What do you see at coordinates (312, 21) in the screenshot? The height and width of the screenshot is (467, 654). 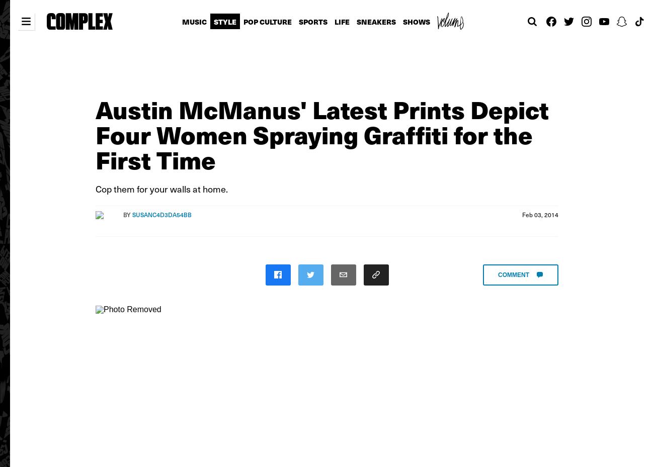 I see `'sports'` at bounding box center [312, 21].